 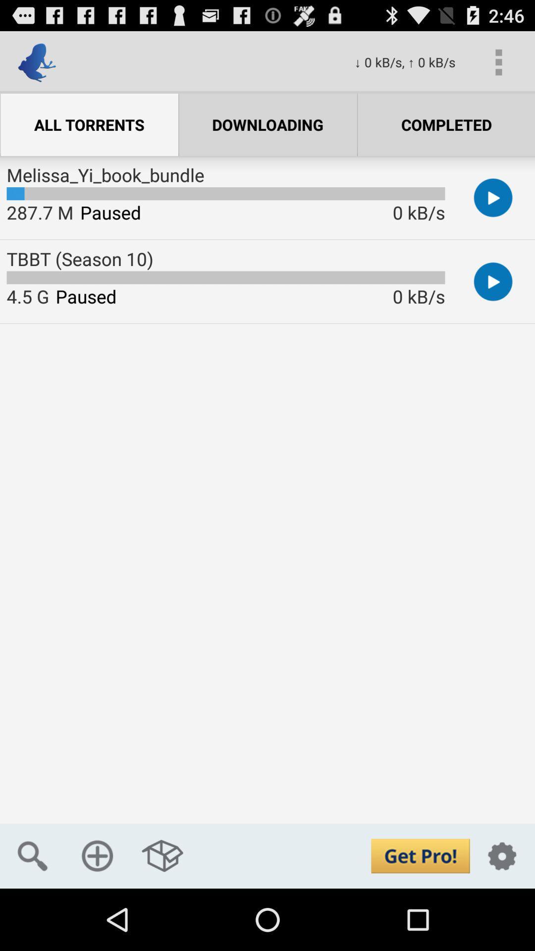 What do you see at coordinates (79, 259) in the screenshot?
I see `the tbbt (season 10) app` at bounding box center [79, 259].